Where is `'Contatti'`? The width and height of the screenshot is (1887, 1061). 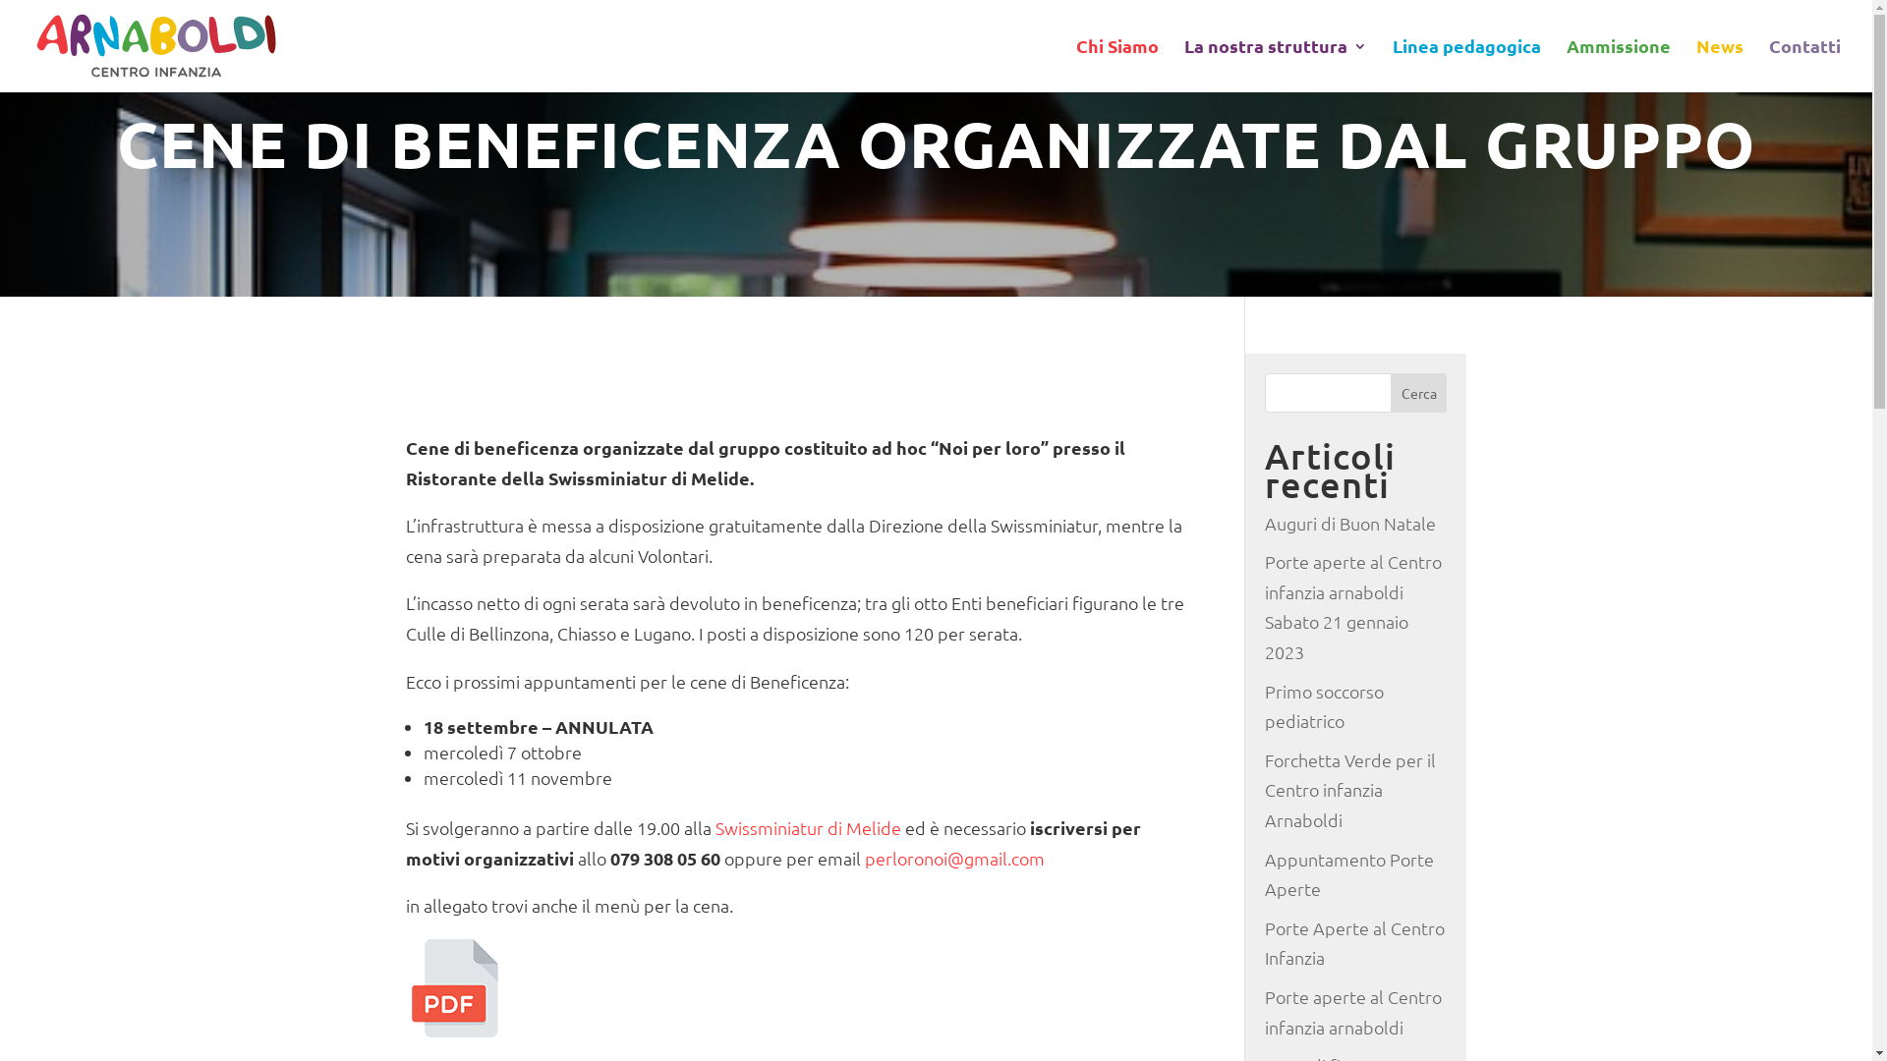
'Contatti' is located at coordinates (1804, 64).